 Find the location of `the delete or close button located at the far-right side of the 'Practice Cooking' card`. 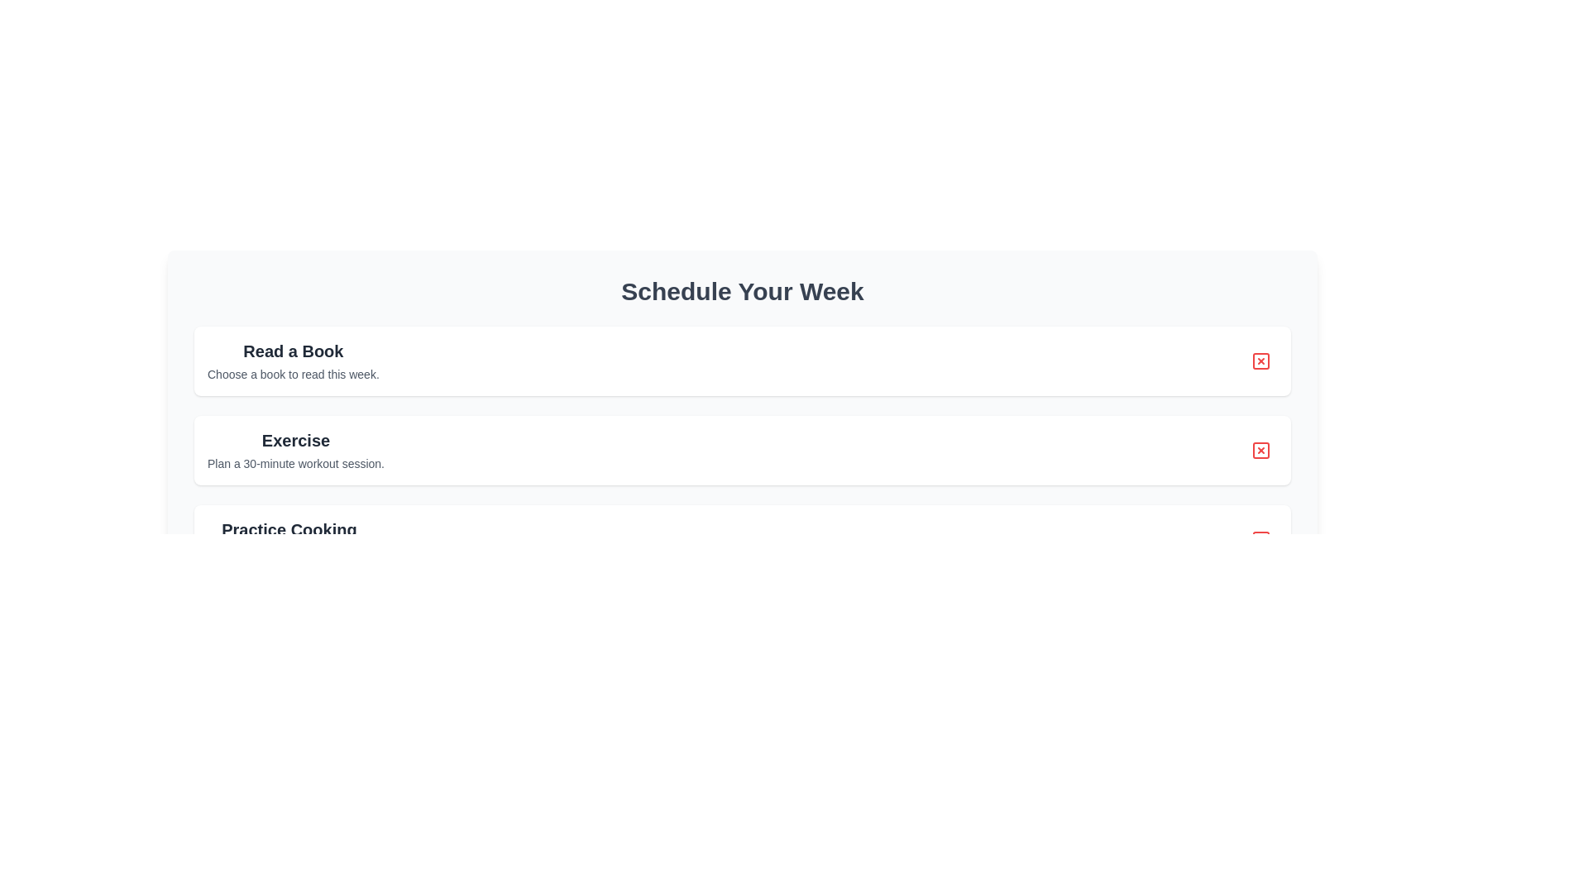

the delete or close button located at the far-right side of the 'Practice Cooking' card is located at coordinates (1260, 539).